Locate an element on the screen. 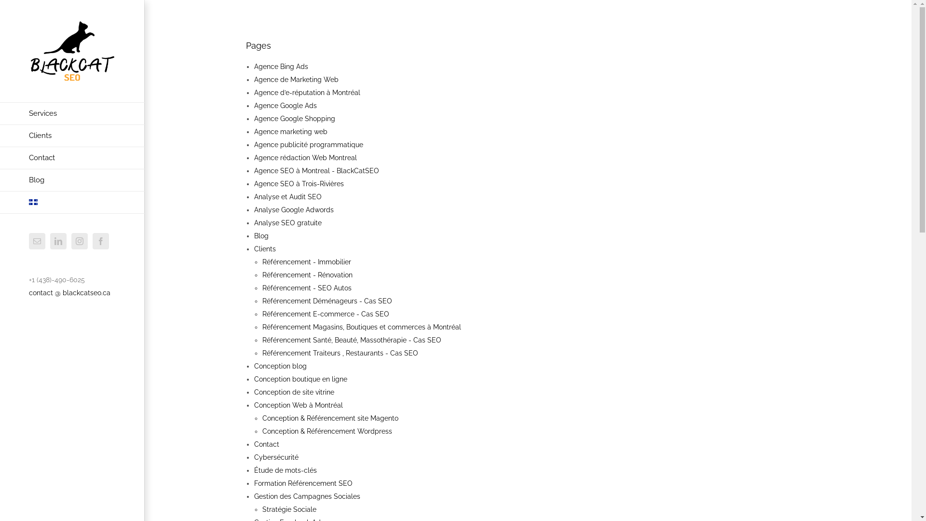  'Analyse et Audit SEO' is located at coordinates (287, 196).